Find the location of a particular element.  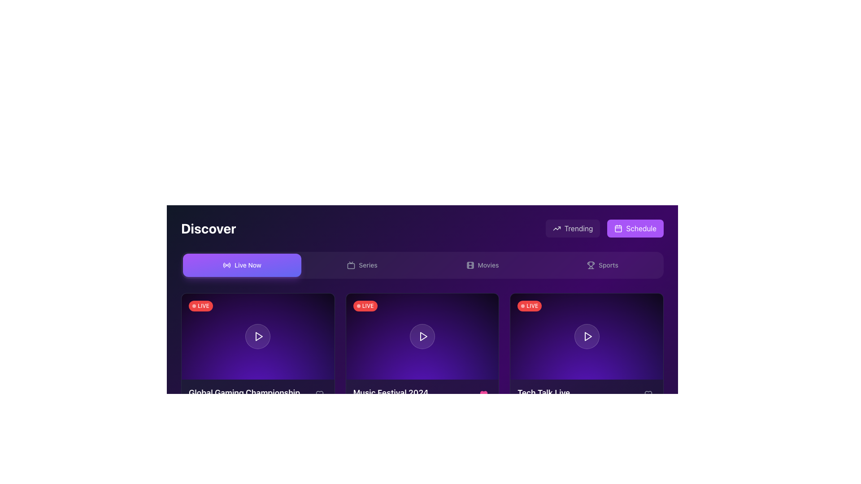

the interactive heart-shaped button located below the 'Music Festival 2024' title is located at coordinates (483, 393).